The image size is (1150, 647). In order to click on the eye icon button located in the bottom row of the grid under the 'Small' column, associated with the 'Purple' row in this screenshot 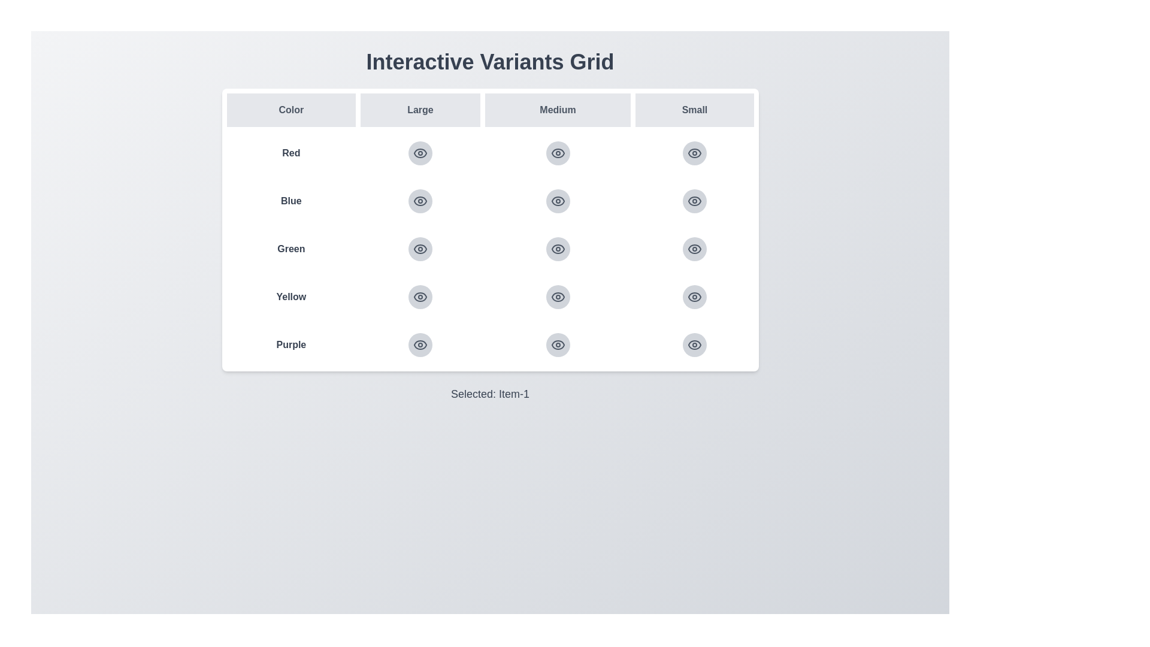, I will do `click(420, 344)`.